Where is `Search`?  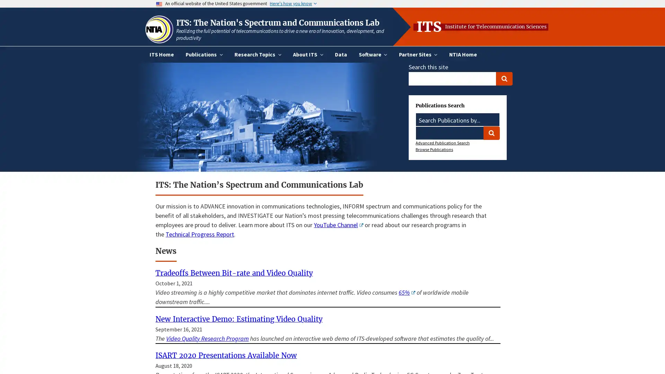 Search is located at coordinates (491, 133).